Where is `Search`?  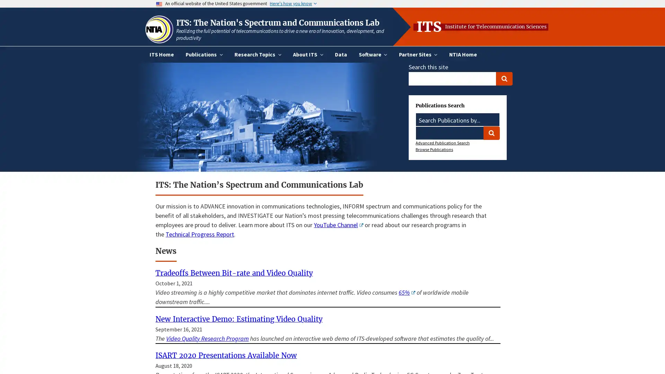 Search is located at coordinates (491, 133).